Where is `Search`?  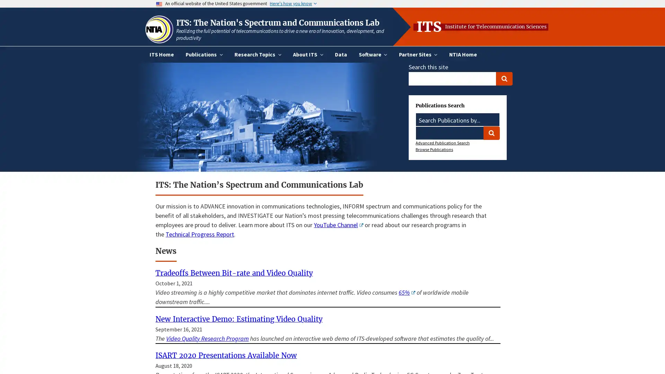 Search is located at coordinates (491, 133).